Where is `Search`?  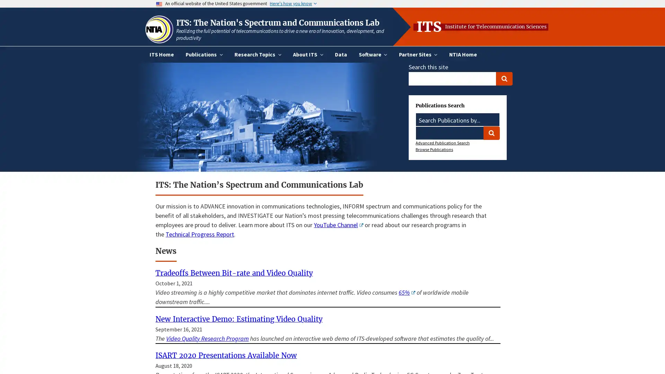 Search is located at coordinates (491, 133).